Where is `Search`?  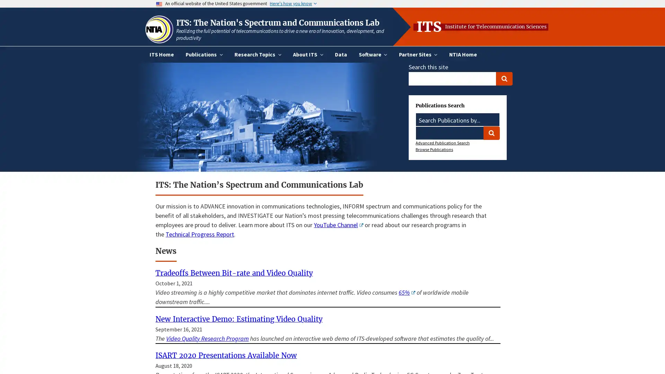 Search is located at coordinates (491, 133).